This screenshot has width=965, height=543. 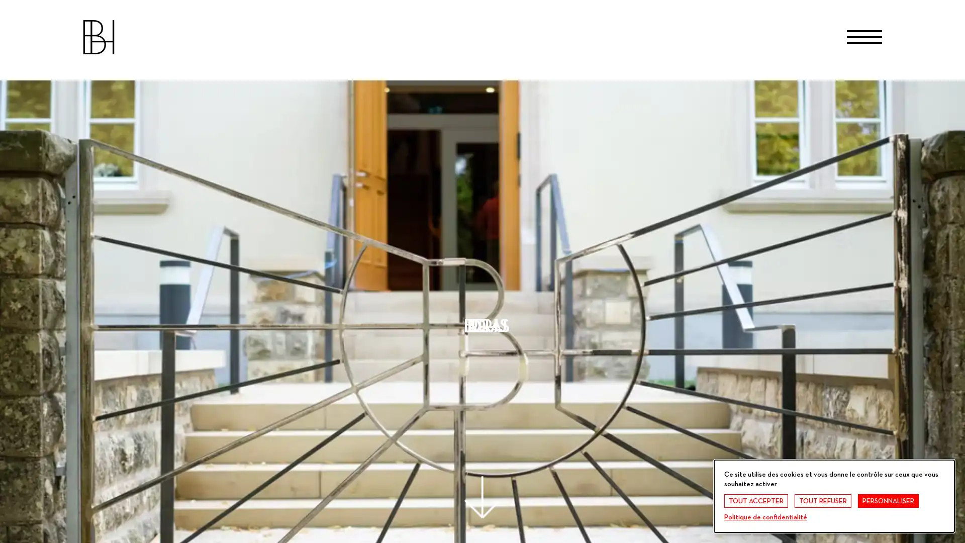 What do you see at coordinates (756, 501) in the screenshot?
I see `TOUT ACCEPTER` at bounding box center [756, 501].